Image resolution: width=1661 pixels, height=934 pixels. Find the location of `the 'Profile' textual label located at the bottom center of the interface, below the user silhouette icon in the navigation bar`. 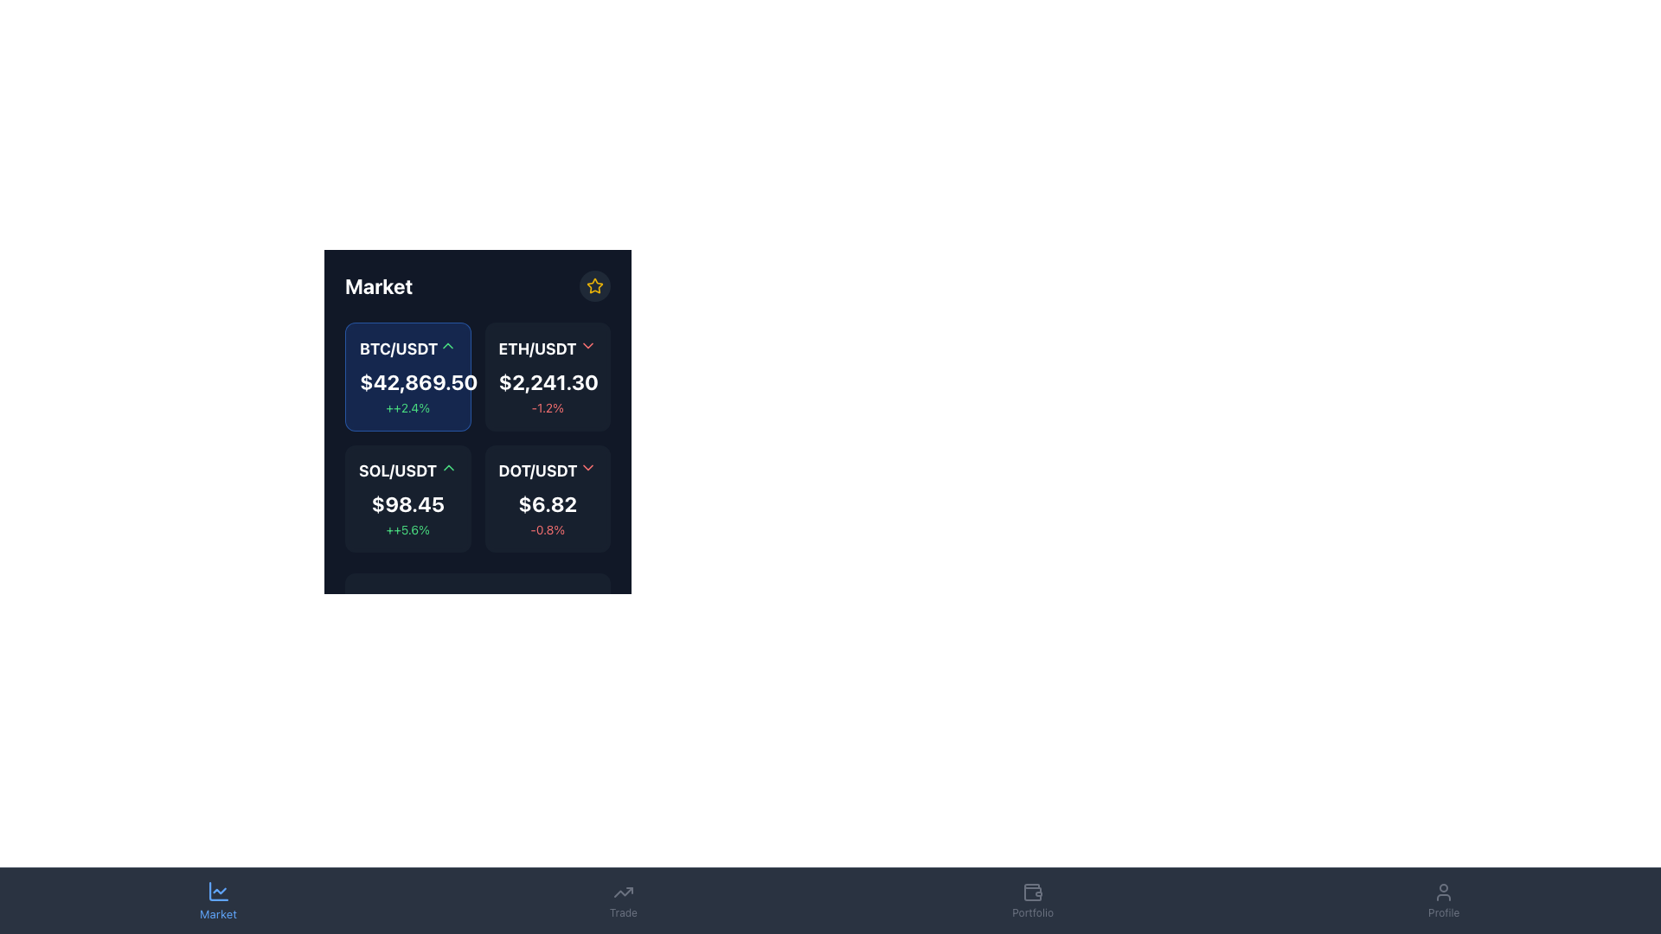

the 'Profile' textual label located at the bottom center of the interface, below the user silhouette icon in the navigation bar is located at coordinates (1444, 912).